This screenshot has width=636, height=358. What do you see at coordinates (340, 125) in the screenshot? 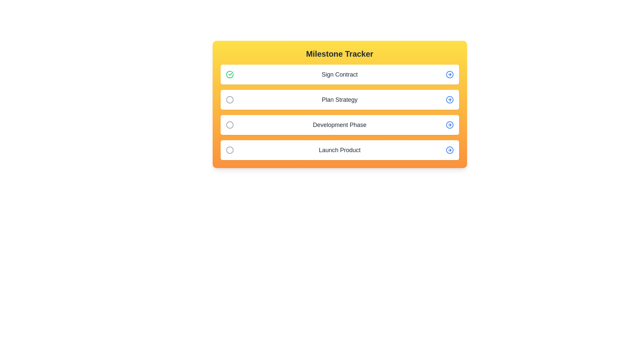
I see `the Step indicator item labeled 'Development Phase', which is the third item in a vertical list of UI blocks` at bounding box center [340, 125].